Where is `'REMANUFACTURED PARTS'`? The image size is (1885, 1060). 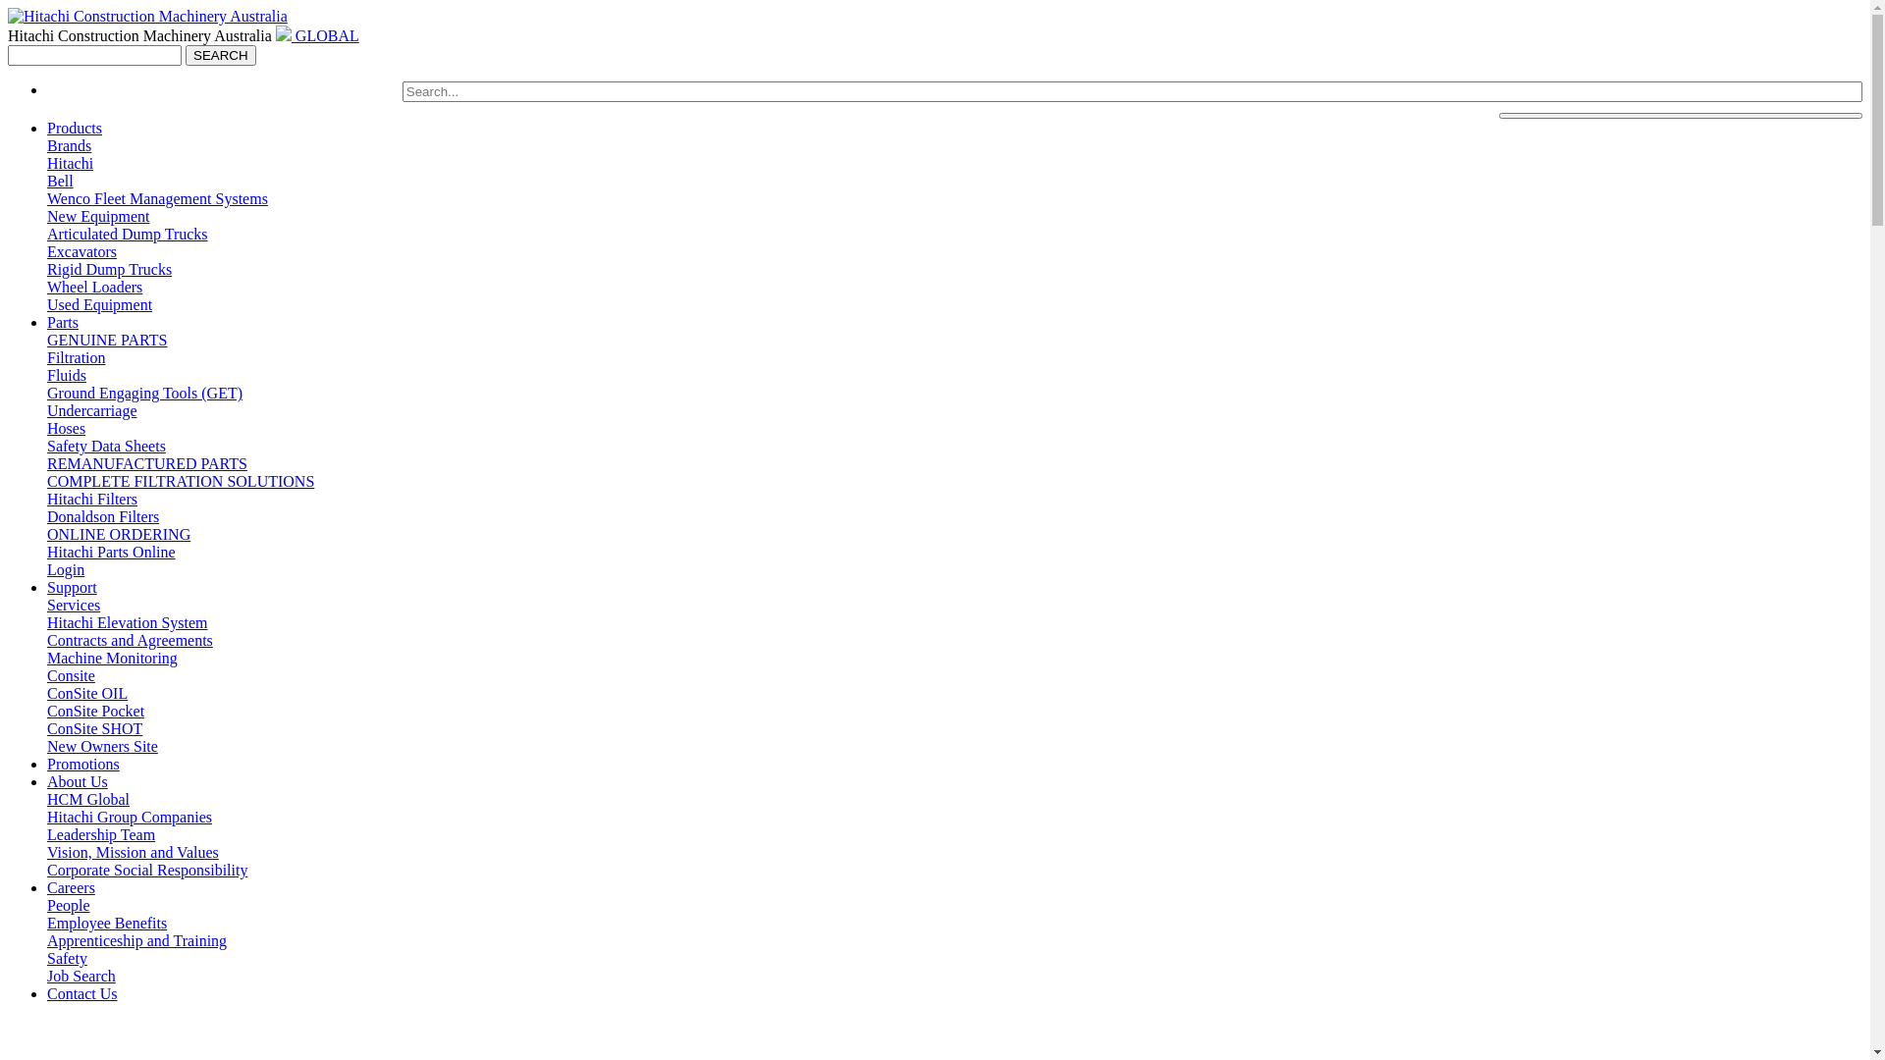 'REMANUFACTURED PARTS' is located at coordinates (145, 463).